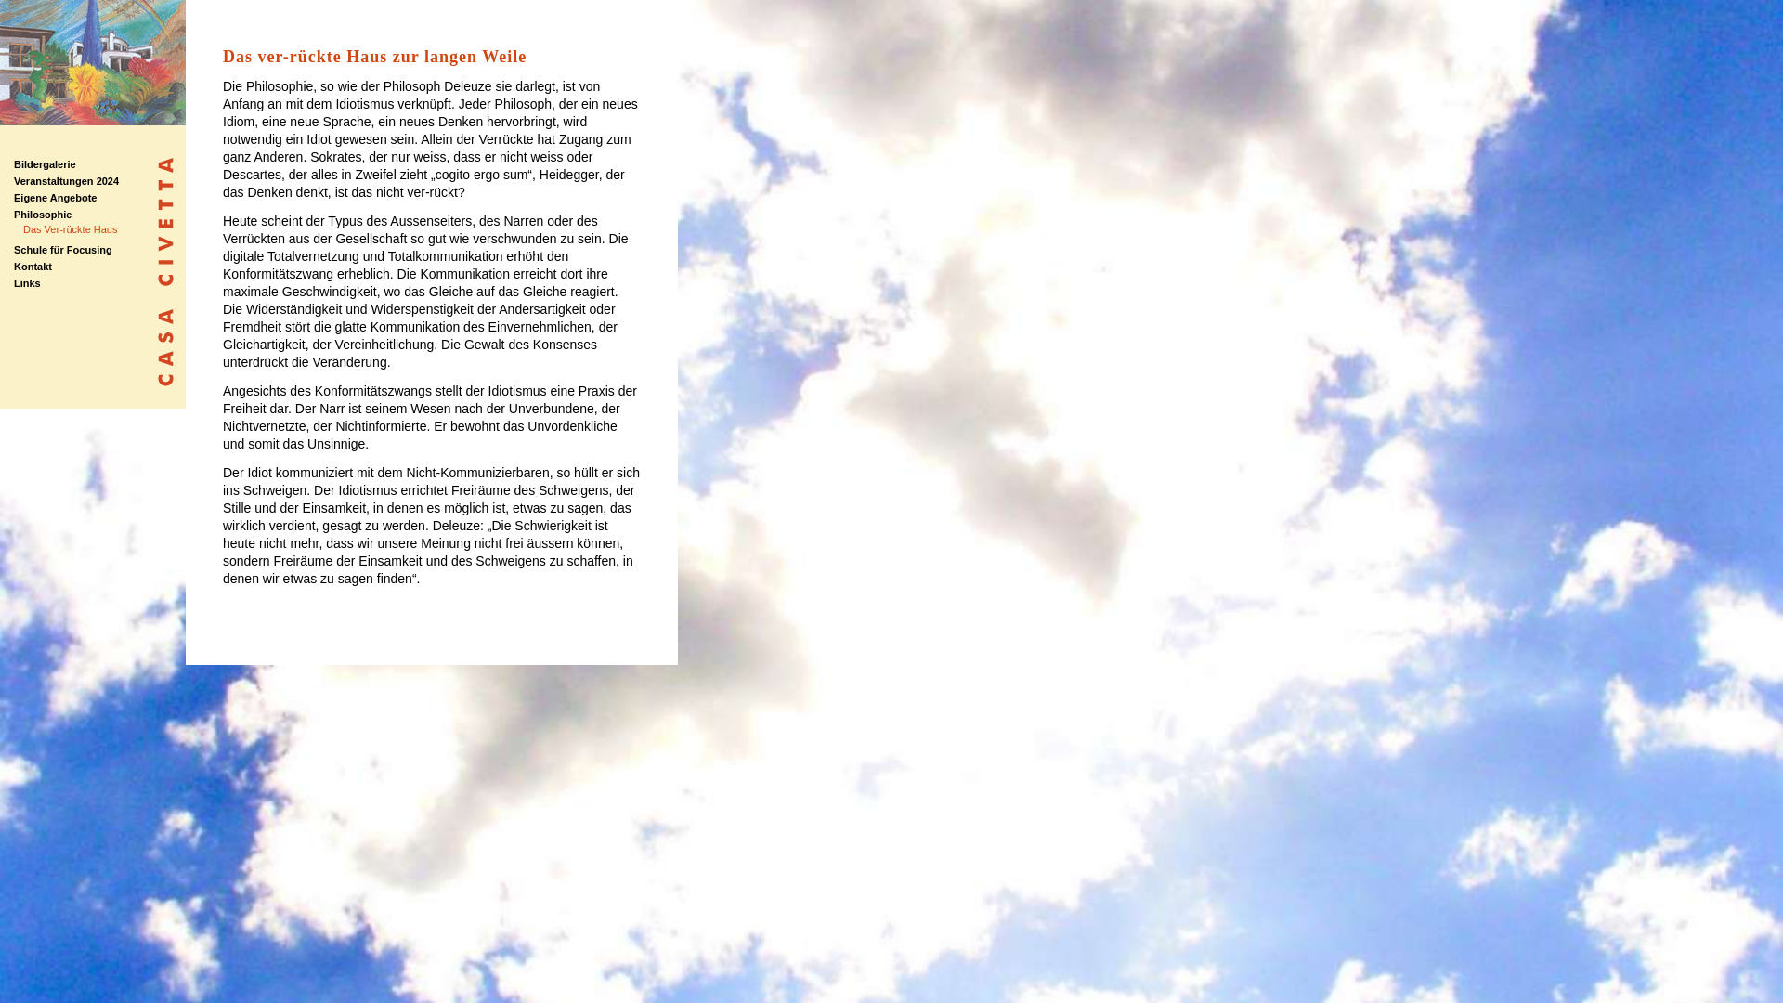 This screenshot has height=1003, width=1783. What do you see at coordinates (92, 121) in the screenshot?
I see `'home'` at bounding box center [92, 121].